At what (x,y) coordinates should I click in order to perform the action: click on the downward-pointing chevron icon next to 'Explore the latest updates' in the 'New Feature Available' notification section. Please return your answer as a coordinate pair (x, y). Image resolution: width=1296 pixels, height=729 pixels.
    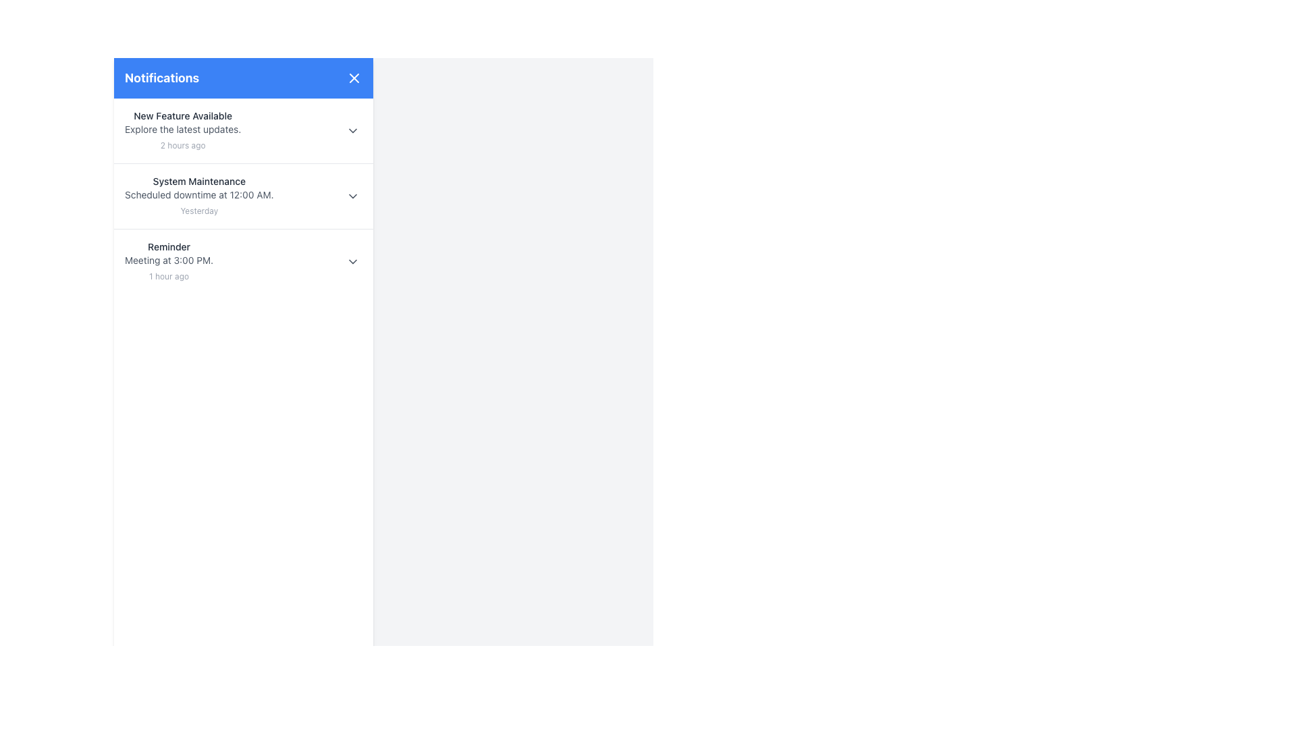
    Looking at the image, I should click on (353, 130).